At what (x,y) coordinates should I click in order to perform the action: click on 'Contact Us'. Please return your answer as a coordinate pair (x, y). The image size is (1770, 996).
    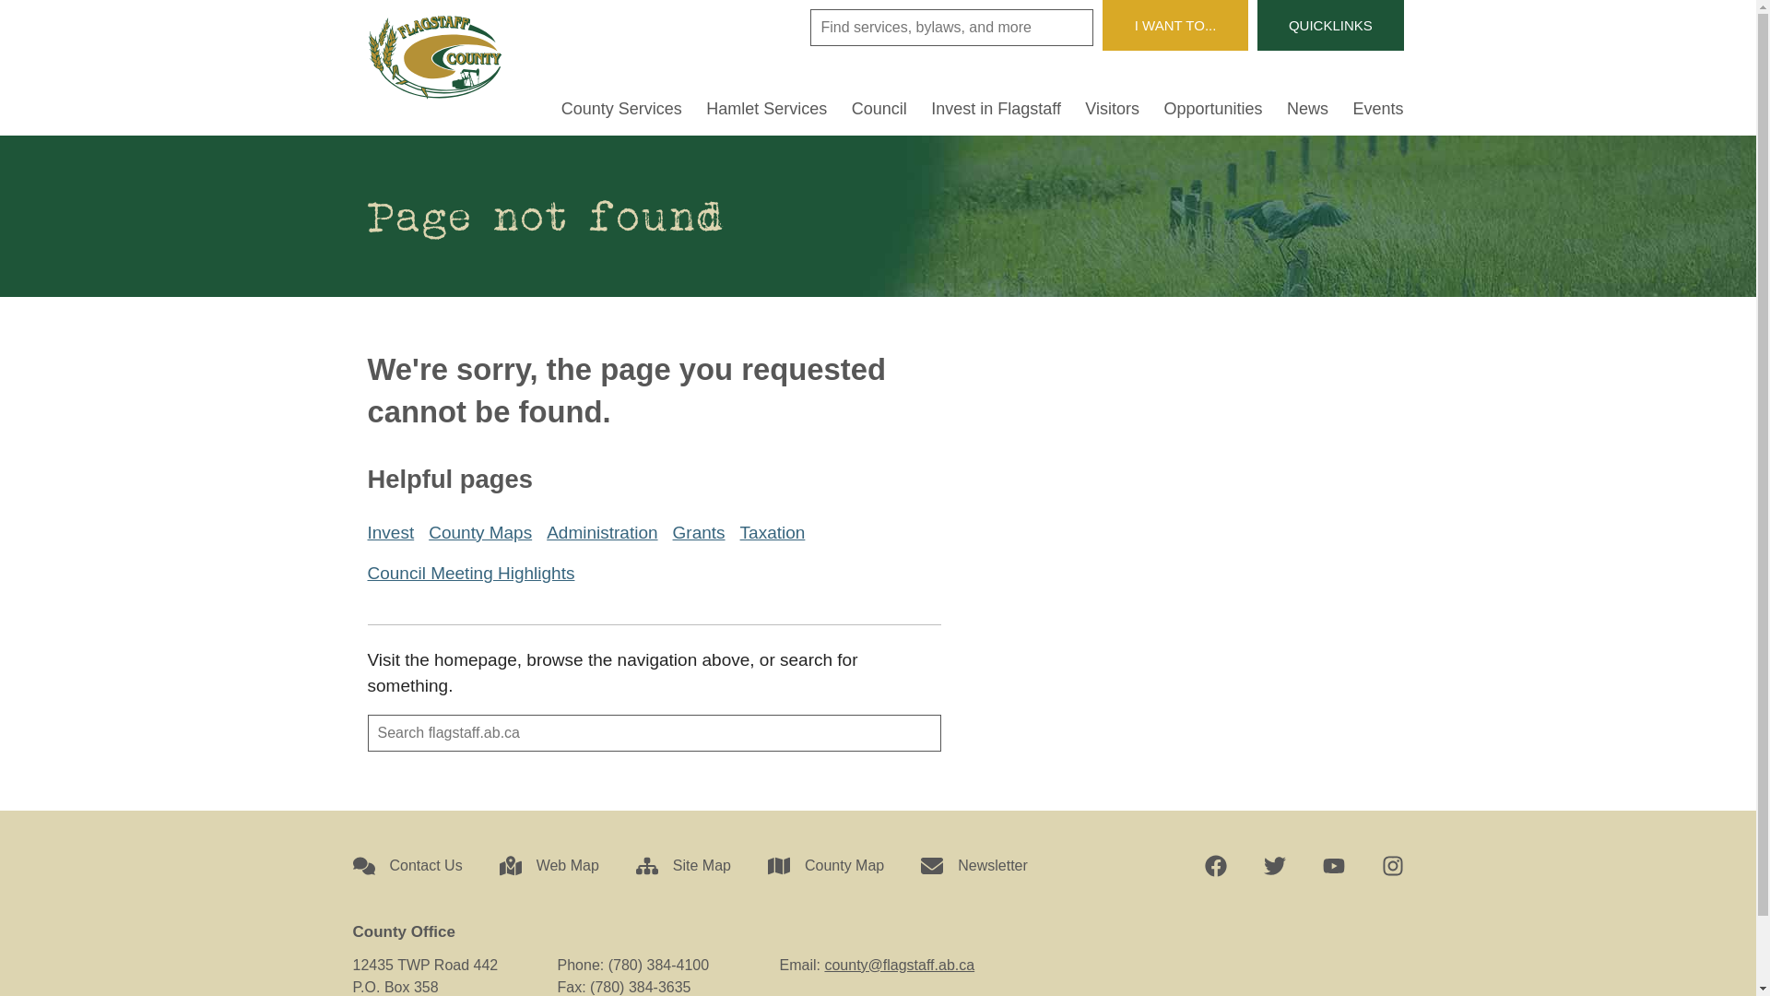
    Looking at the image, I should click on (406, 865).